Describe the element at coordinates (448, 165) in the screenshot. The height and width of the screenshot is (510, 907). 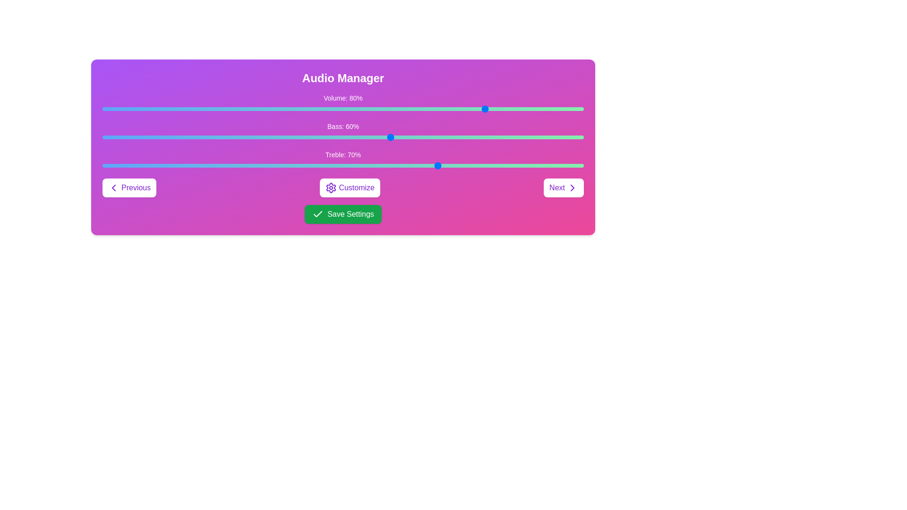
I see `treble` at that location.